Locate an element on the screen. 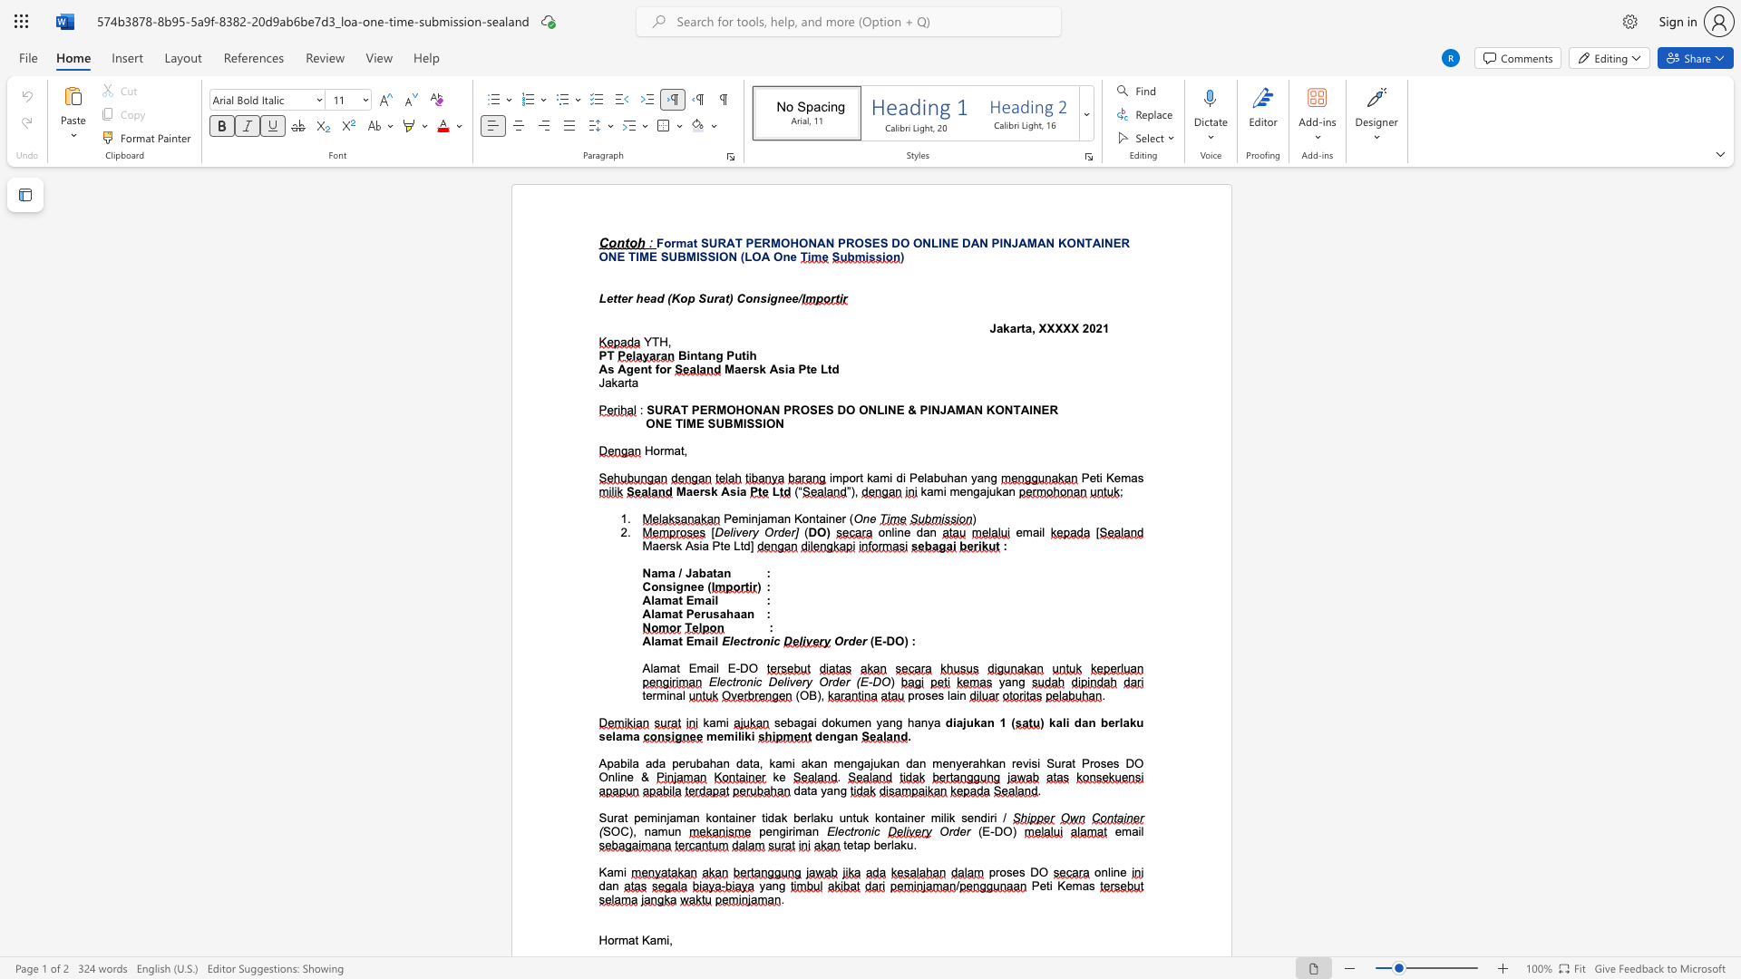  the subset text "nyer" within the text "Apabila ada perubahan data, kami akan mengajukan dan menyerahkan revisi Surat" is located at coordinates (948, 763).